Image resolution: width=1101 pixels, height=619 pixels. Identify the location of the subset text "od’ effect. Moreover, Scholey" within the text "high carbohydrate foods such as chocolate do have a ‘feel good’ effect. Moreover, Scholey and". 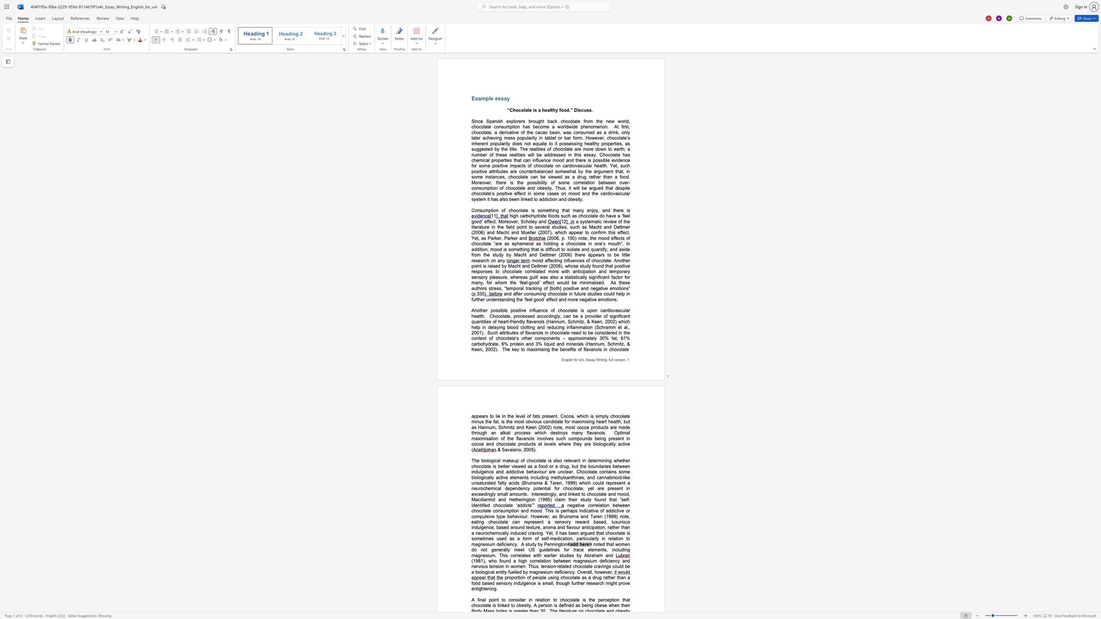
(477, 221).